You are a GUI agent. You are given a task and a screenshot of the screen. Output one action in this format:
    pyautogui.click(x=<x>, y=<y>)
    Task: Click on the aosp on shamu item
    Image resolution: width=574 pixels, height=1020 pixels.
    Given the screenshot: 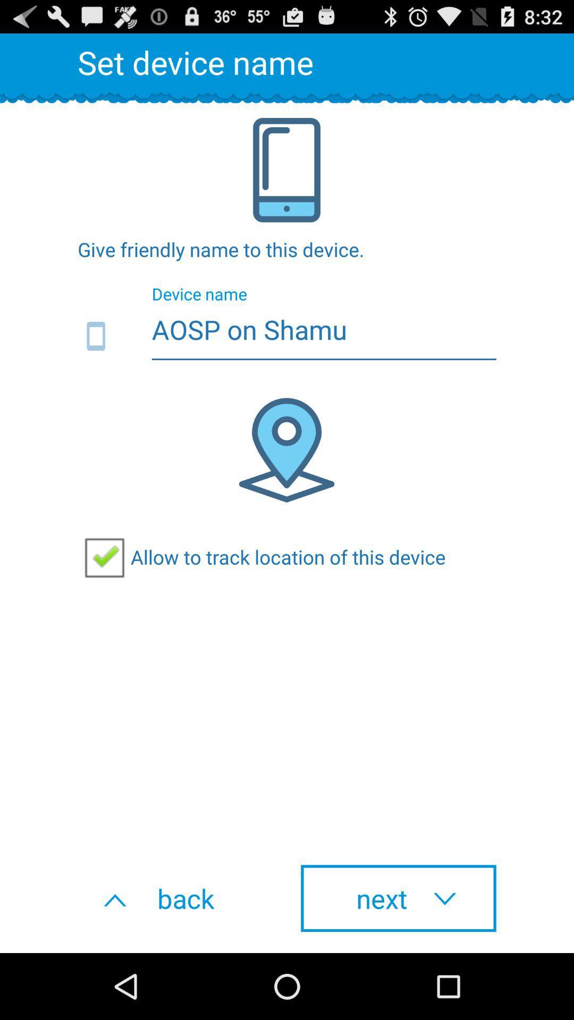 What is the action you would take?
    pyautogui.click(x=287, y=336)
    